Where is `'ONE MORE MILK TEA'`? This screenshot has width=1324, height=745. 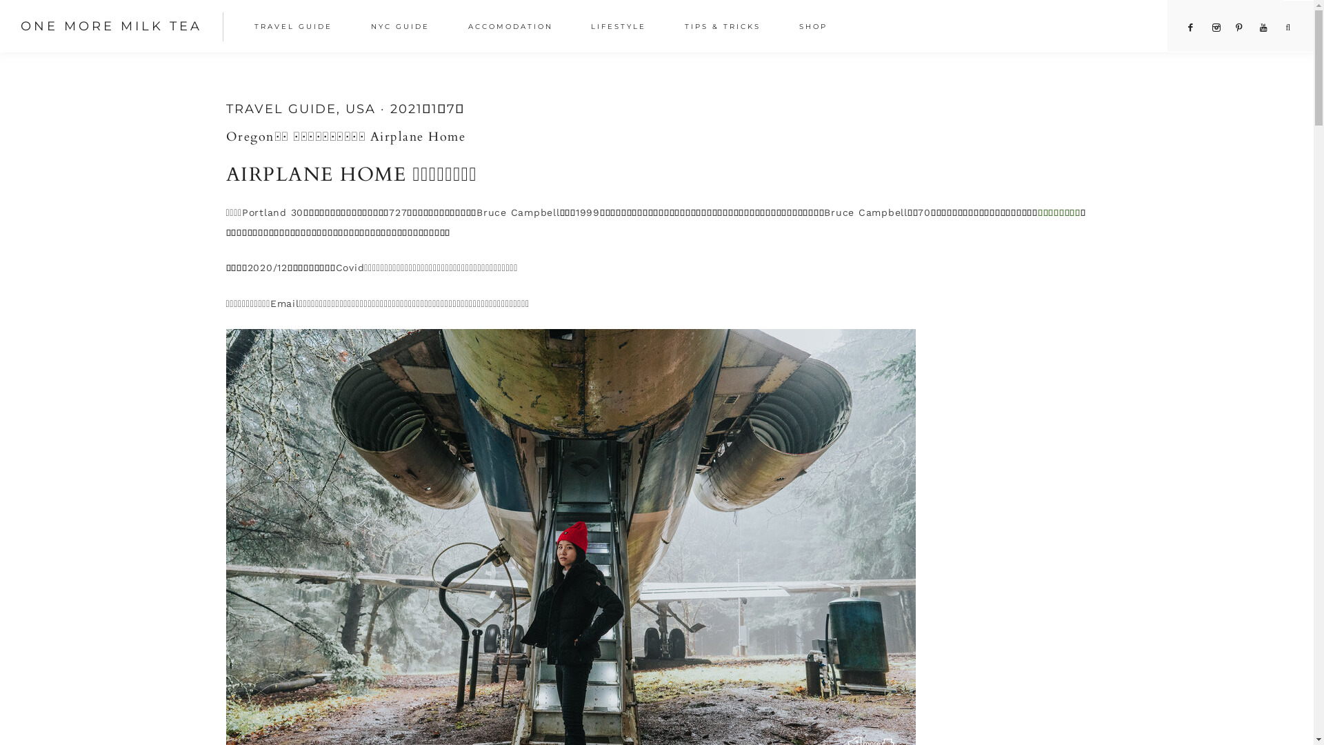 'ONE MORE MILK TEA' is located at coordinates (111, 26).